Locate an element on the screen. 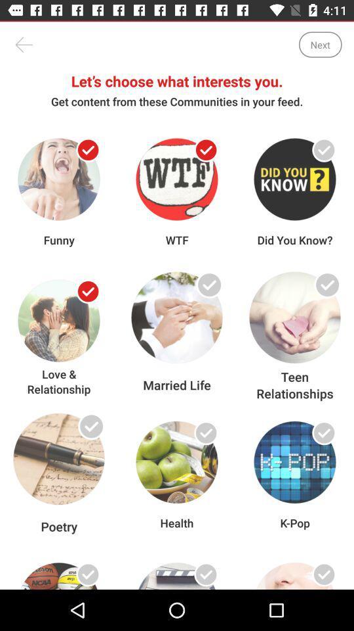 This screenshot has height=631, width=354. the topic is located at coordinates (206, 574).